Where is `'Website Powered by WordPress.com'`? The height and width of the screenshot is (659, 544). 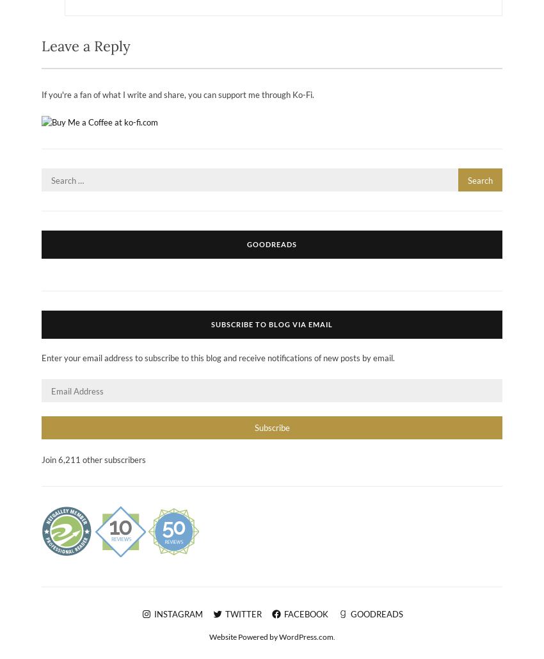 'Website Powered by WordPress.com' is located at coordinates (270, 635).